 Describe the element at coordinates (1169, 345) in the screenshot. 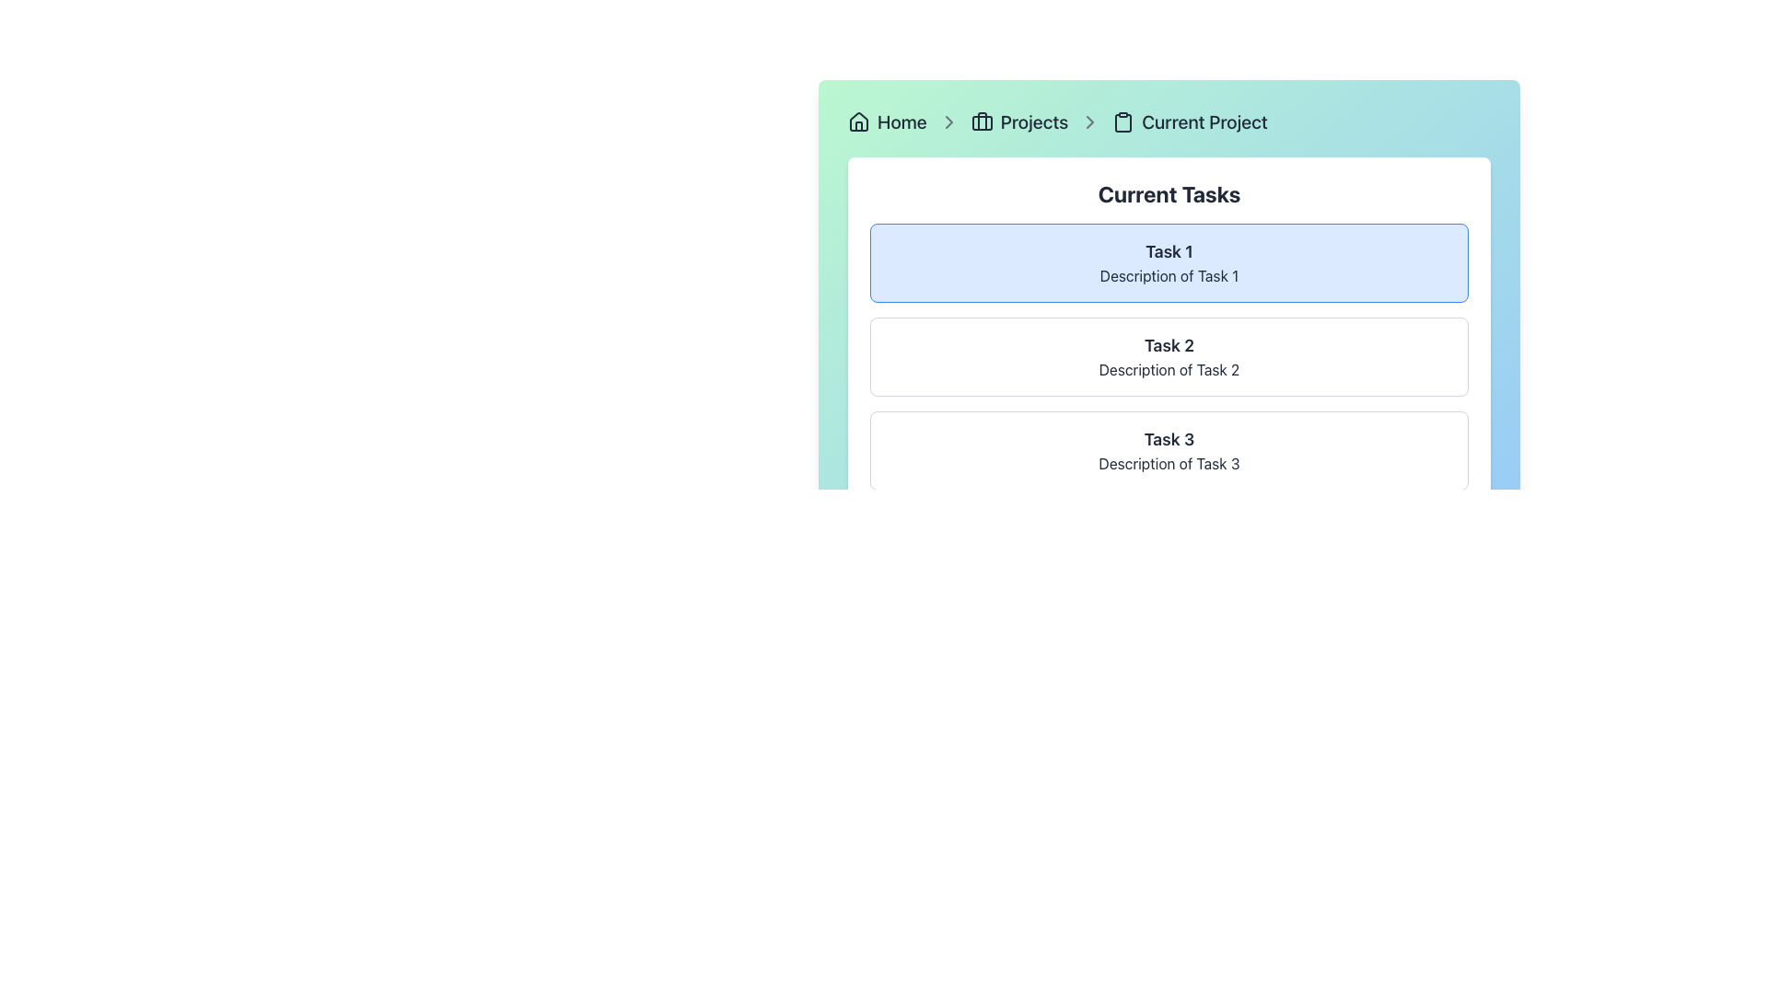

I see `the text label displaying 'Task 2'` at that location.